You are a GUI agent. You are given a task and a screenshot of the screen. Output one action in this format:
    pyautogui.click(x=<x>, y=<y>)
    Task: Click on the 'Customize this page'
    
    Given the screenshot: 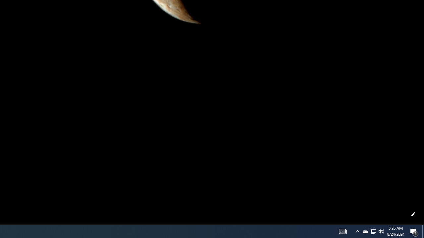 What is the action you would take?
    pyautogui.click(x=413, y=214)
    